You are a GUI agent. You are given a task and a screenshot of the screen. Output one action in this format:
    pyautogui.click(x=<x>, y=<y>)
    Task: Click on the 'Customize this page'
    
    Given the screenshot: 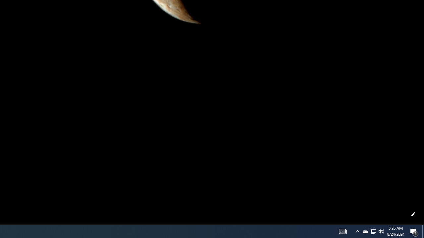 What is the action you would take?
    pyautogui.click(x=413, y=214)
    